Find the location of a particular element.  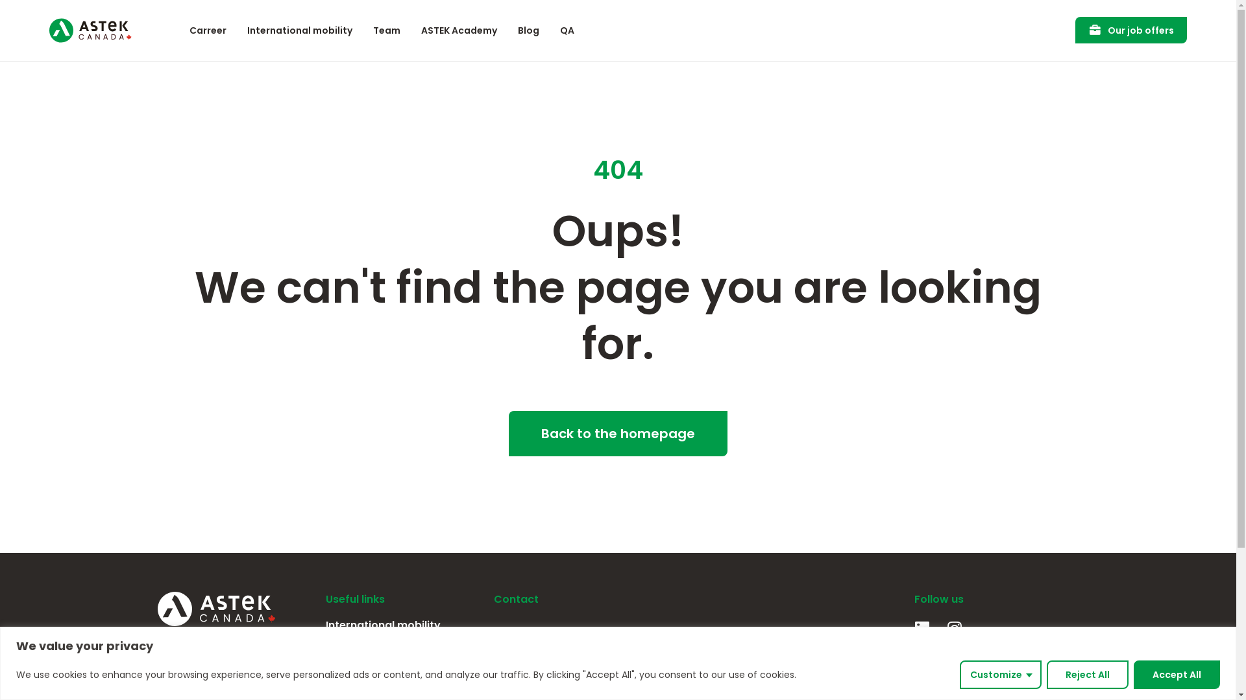

'montreal-logo-footer' is located at coordinates (500, 639).